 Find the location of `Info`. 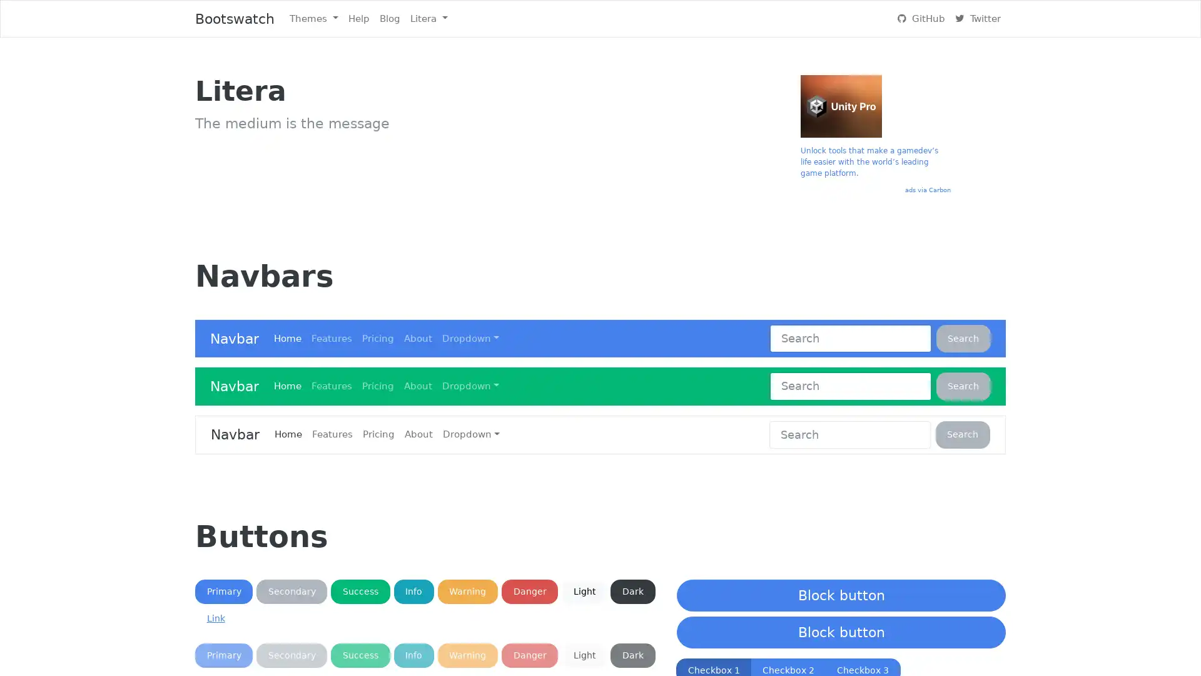

Info is located at coordinates (413, 655).